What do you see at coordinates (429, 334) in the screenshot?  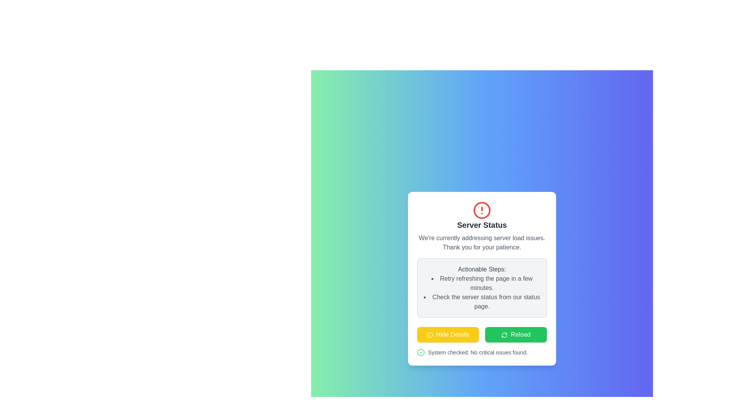 I see `the information icon, which is a circle with a central vertical line and a dot above it, located to the left of the 'Hide Details' text within a yellow button at the bottom center of the dialog box` at bounding box center [429, 334].